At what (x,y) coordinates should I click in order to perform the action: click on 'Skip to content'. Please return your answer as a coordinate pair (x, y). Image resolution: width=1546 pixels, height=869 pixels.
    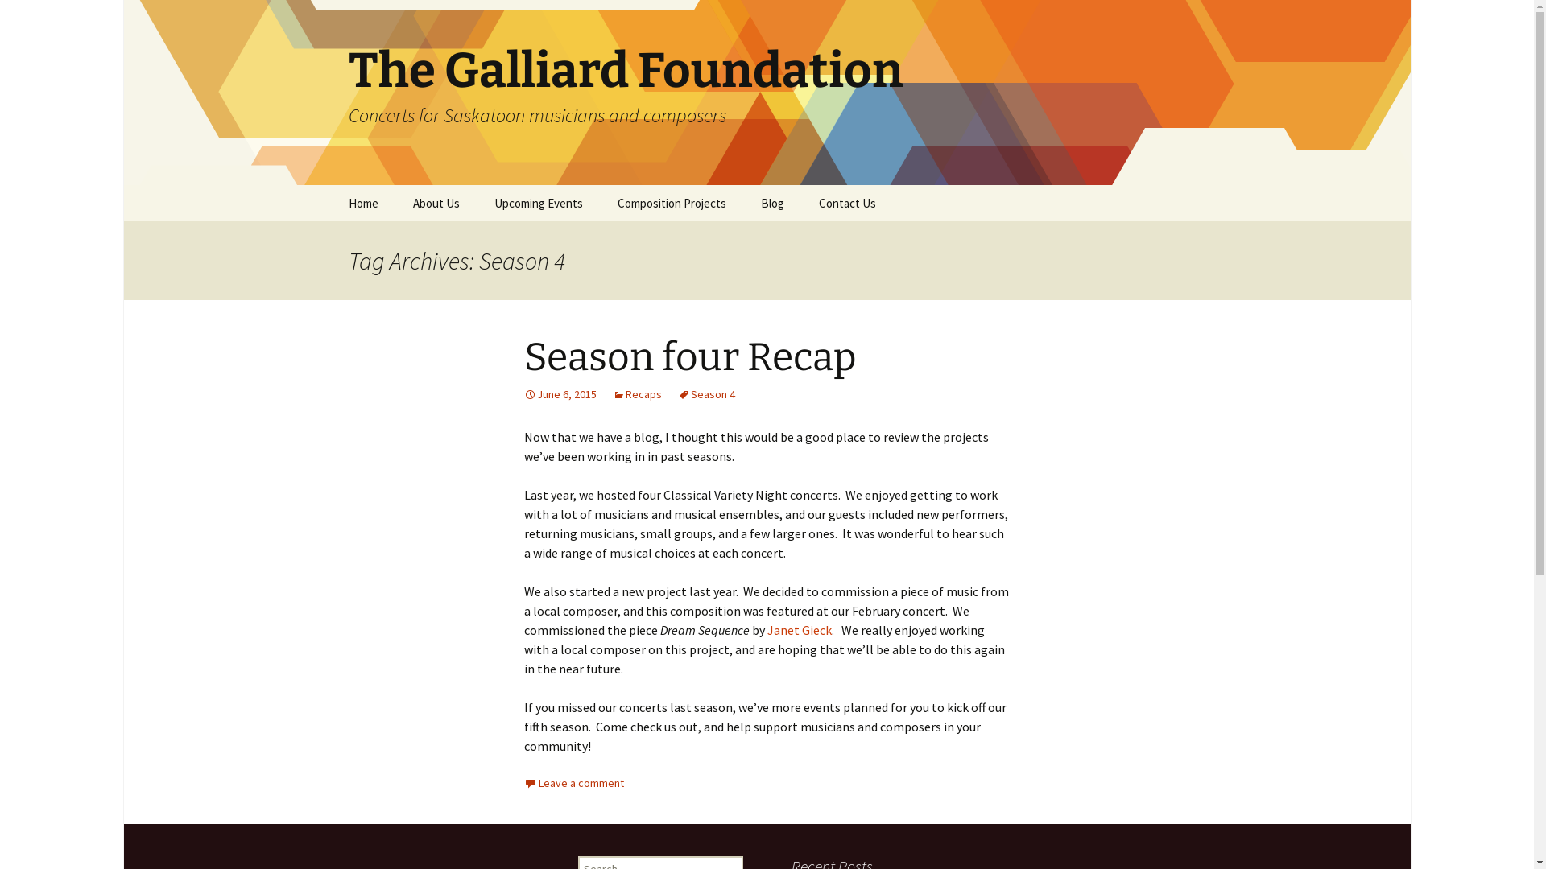
    Looking at the image, I should click on (331, 183).